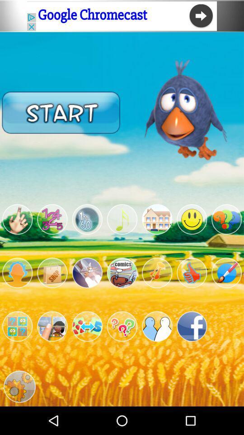  I want to click on the game is make mind very calm, so click(156, 272).